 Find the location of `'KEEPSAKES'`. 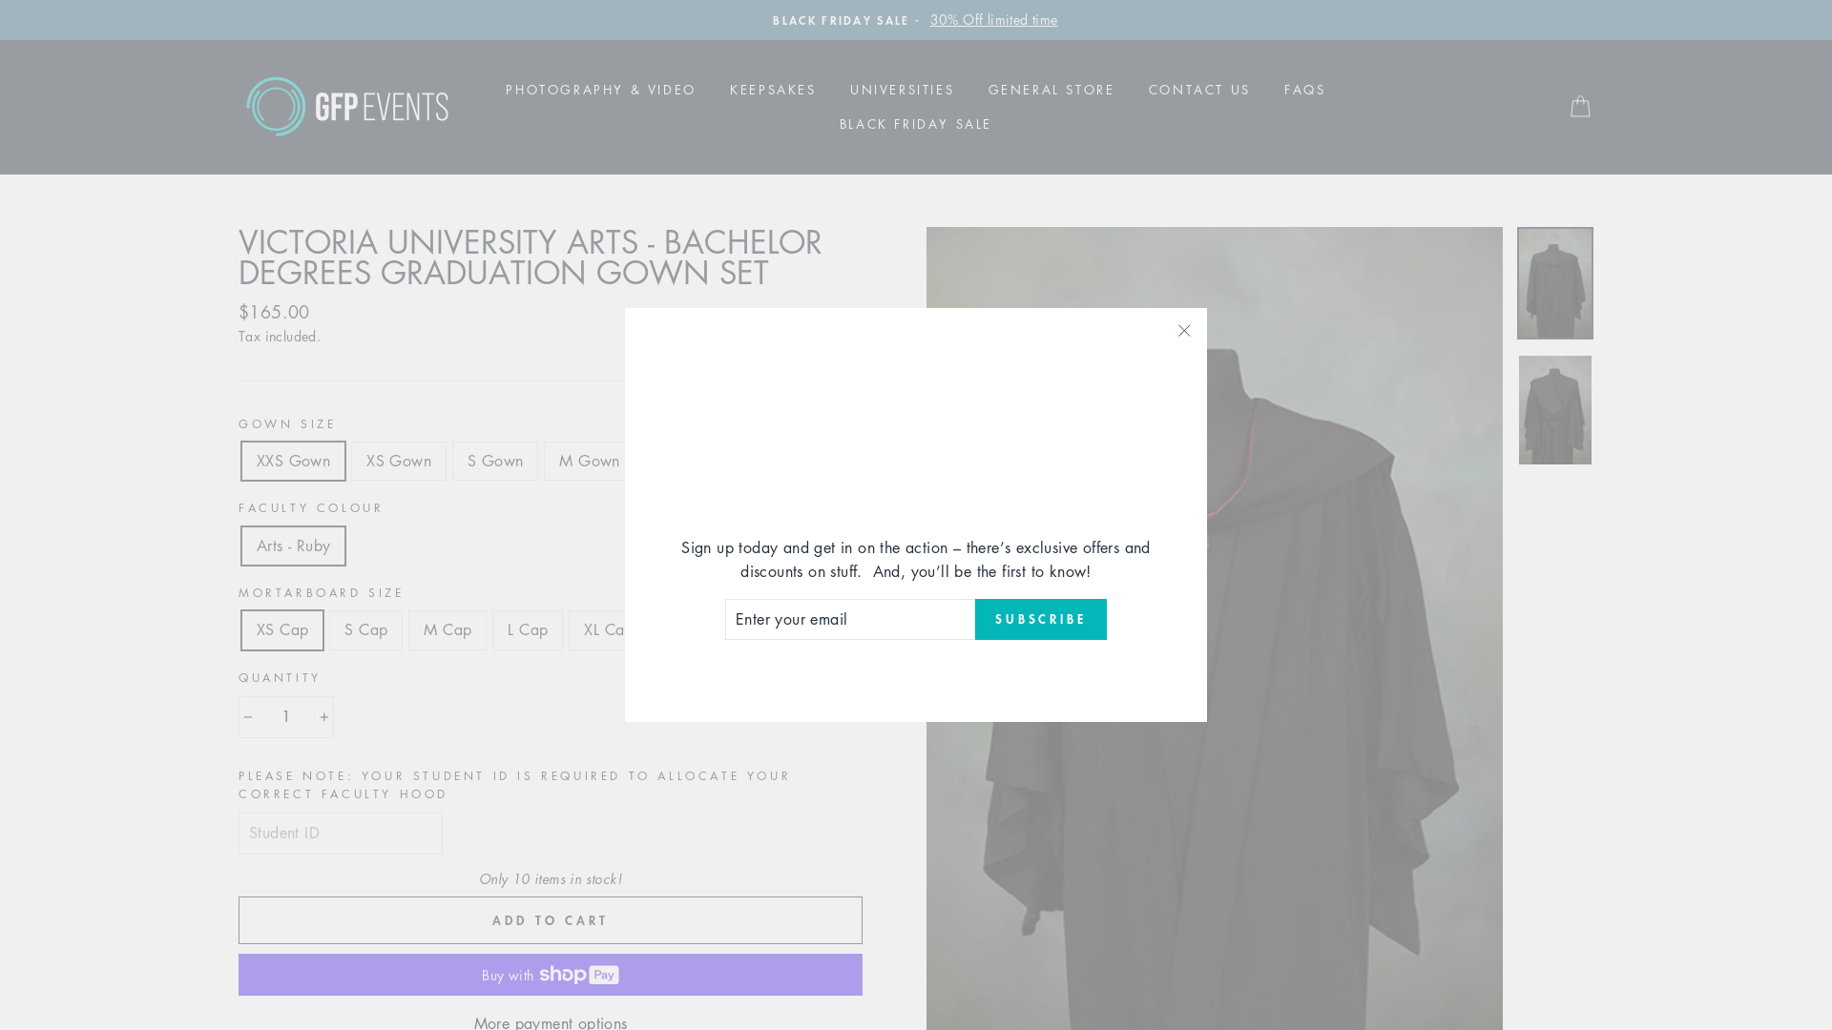

'KEEPSAKES' is located at coordinates (773, 89).